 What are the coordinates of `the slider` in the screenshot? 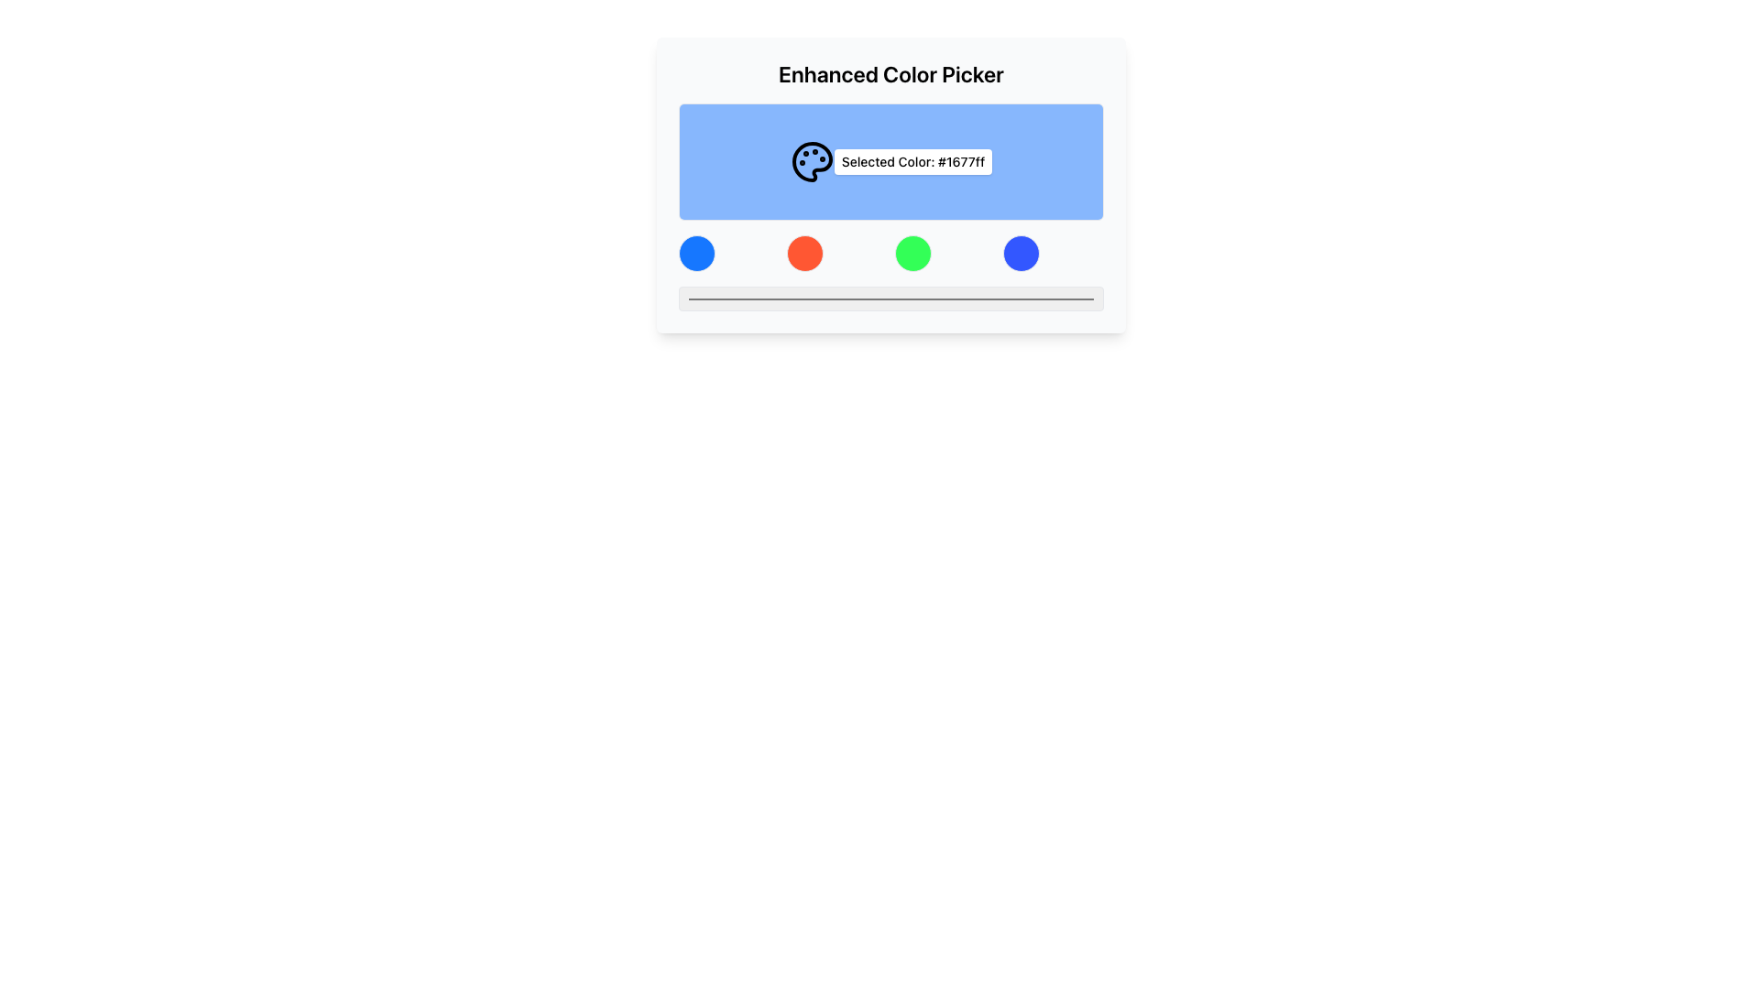 It's located at (716, 298).